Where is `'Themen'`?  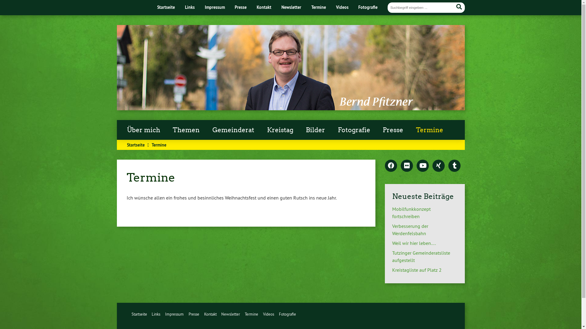
'Themen' is located at coordinates (186, 130).